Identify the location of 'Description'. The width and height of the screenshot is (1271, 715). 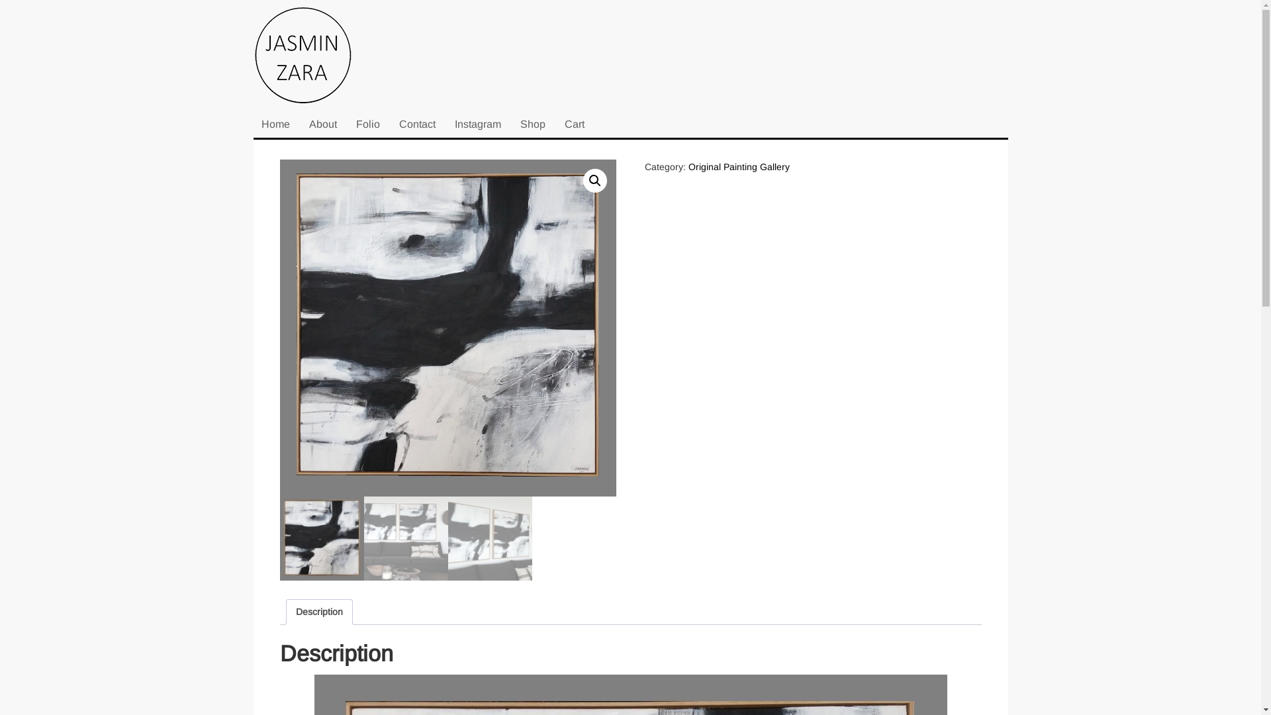
(318, 612).